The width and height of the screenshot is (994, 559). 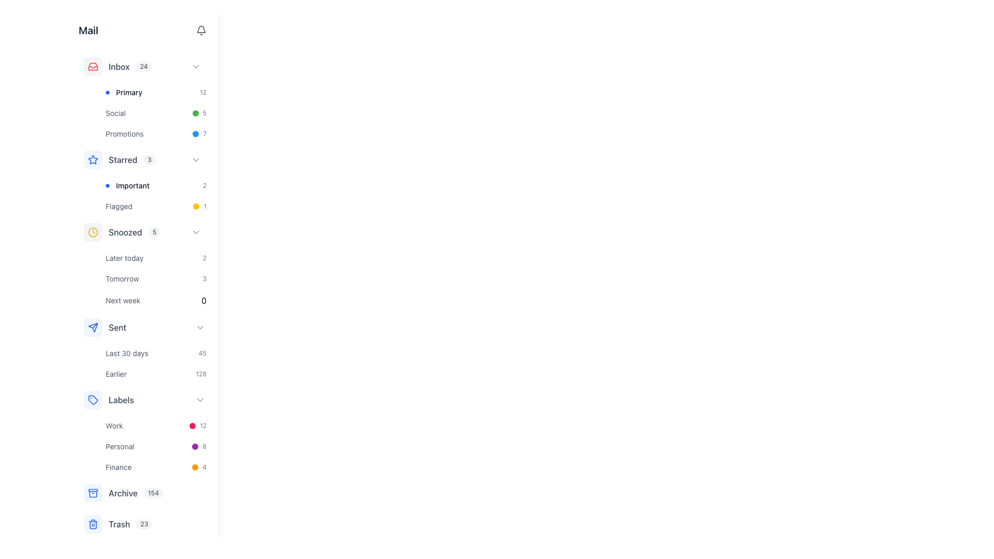 What do you see at coordinates (143, 66) in the screenshot?
I see `the displayed number '24' on the rounded rectangular badge with a light gray background, located next to the word 'Inbox' in the left navigation menu` at bounding box center [143, 66].